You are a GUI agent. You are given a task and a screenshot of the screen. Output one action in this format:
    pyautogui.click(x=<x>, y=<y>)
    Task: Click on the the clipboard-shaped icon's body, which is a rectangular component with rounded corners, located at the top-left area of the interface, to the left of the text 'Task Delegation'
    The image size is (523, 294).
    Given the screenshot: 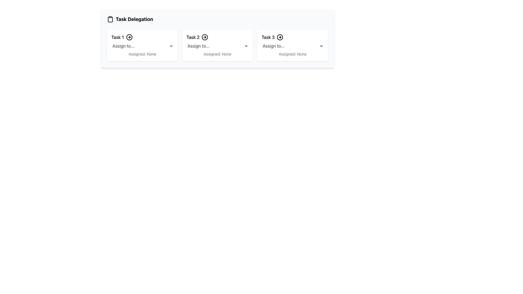 What is the action you would take?
    pyautogui.click(x=110, y=19)
    